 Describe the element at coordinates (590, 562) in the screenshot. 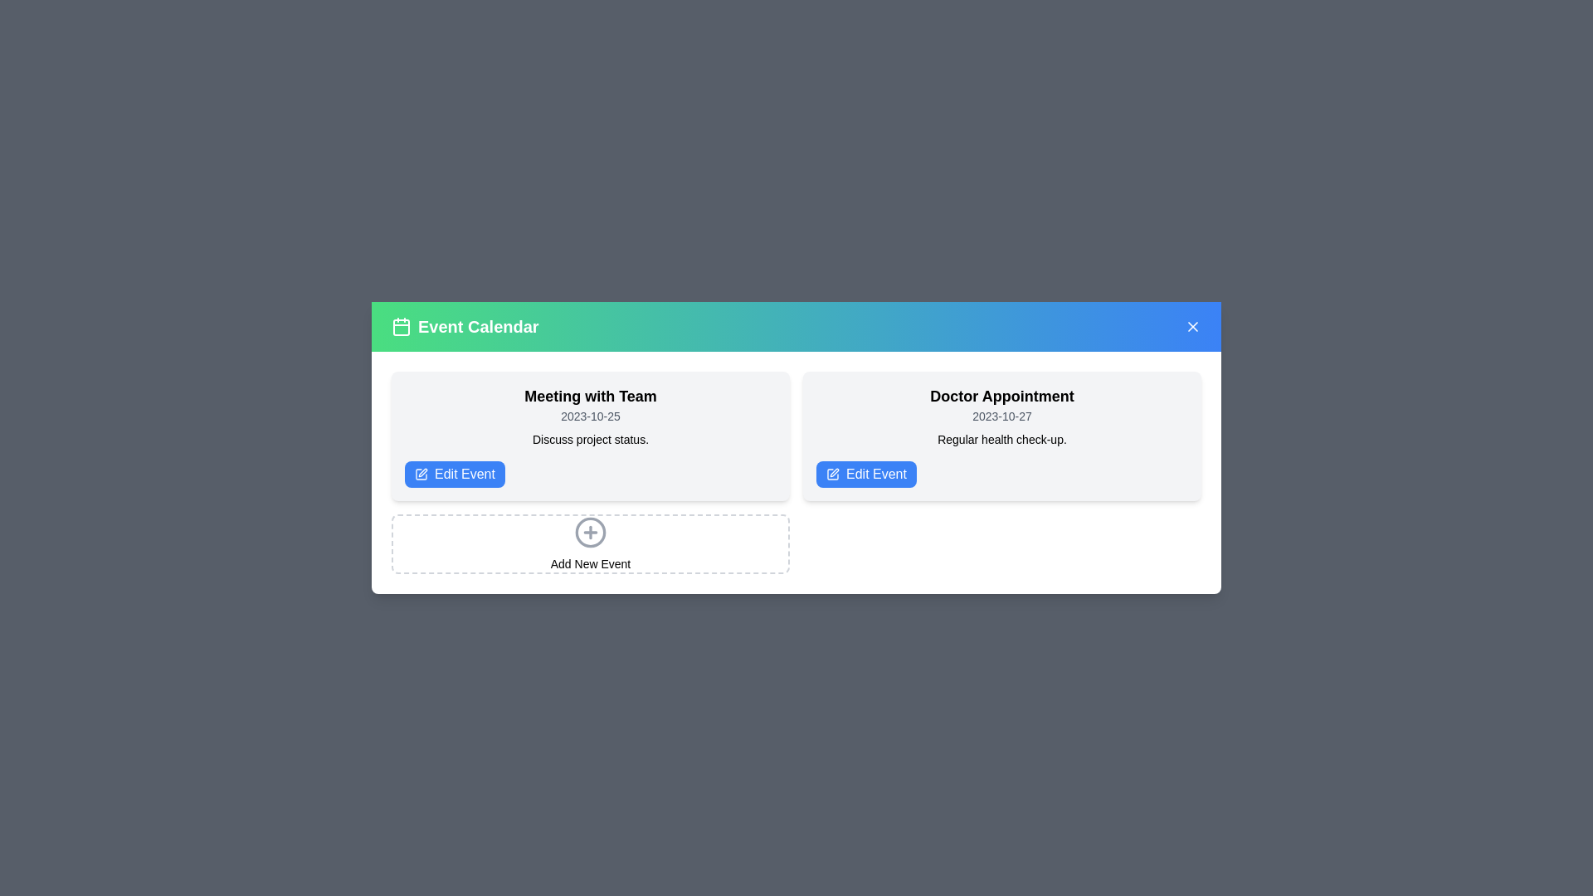

I see `the 'Add New Event' button to initiate the process of adding a new event` at that location.